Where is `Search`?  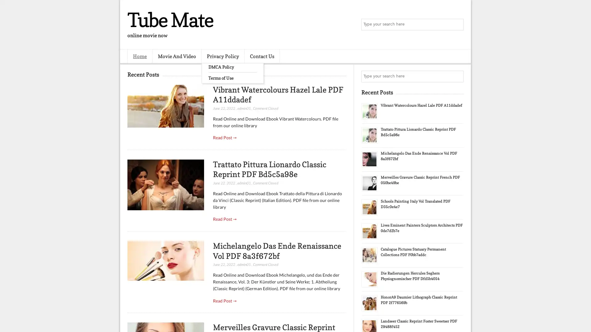 Search is located at coordinates (457, 76).